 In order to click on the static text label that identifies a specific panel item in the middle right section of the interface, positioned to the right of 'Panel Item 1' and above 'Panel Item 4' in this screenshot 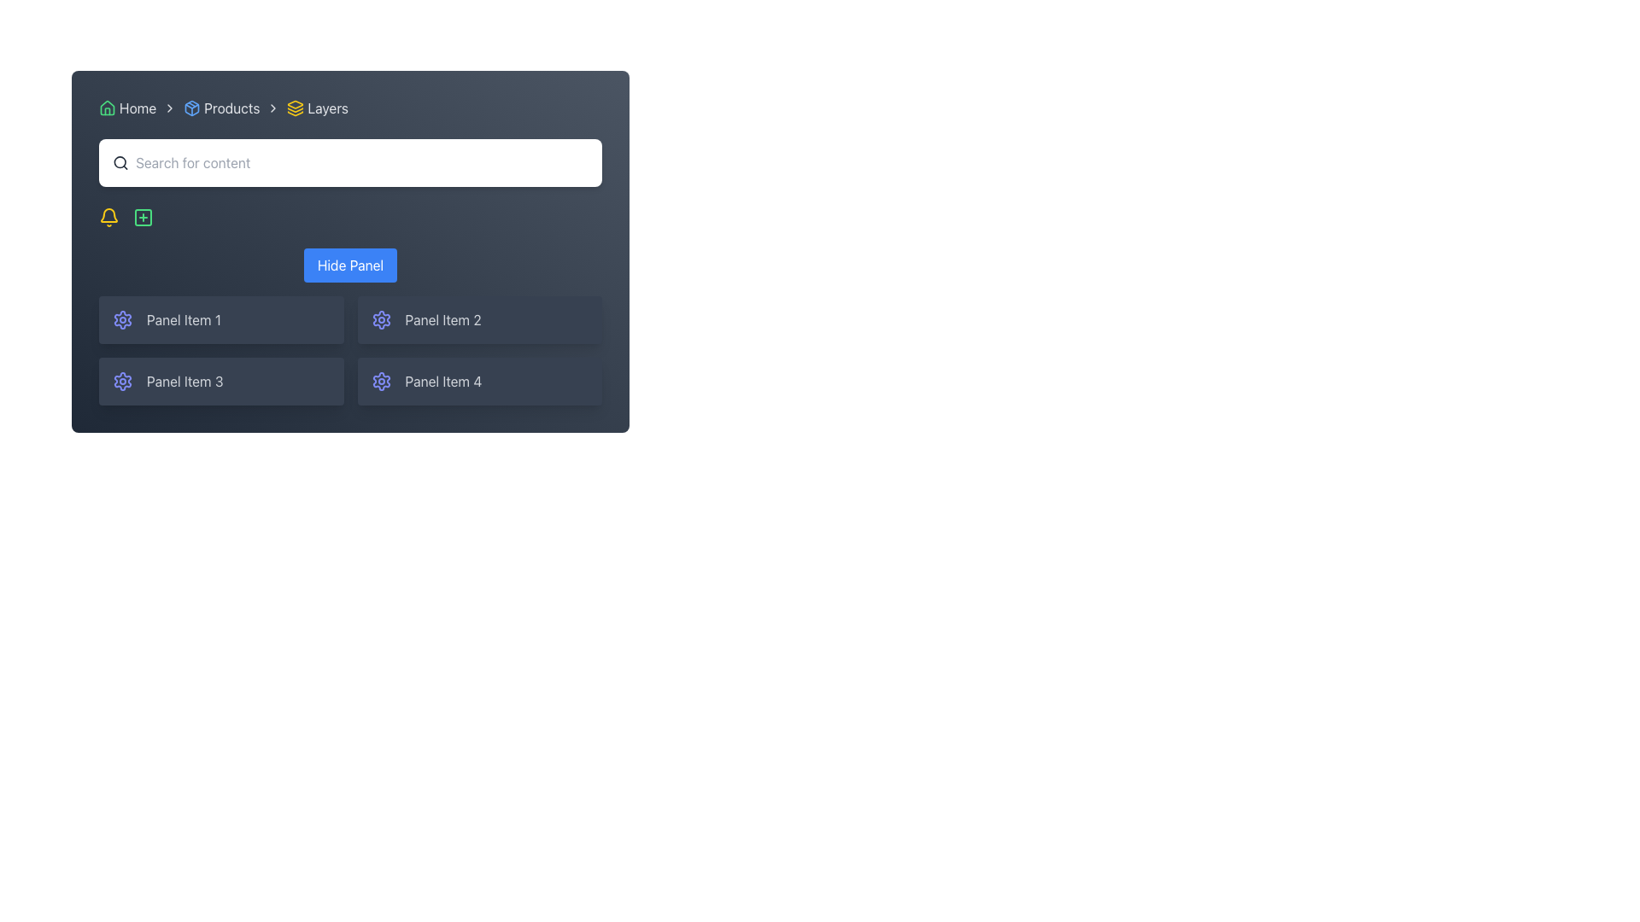, I will do `click(443, 319)`.